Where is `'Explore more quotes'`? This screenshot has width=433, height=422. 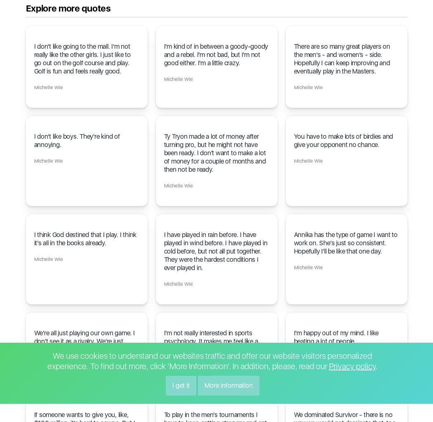
'Explore more quotes' is located at coordinates (68, 8).